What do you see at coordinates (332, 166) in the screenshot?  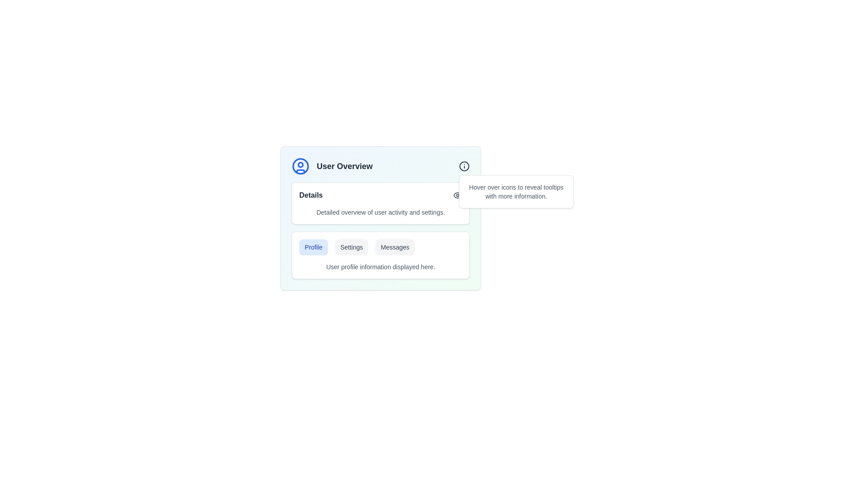 I see `the text 'User Overview'` at bounding box center [332, 166].